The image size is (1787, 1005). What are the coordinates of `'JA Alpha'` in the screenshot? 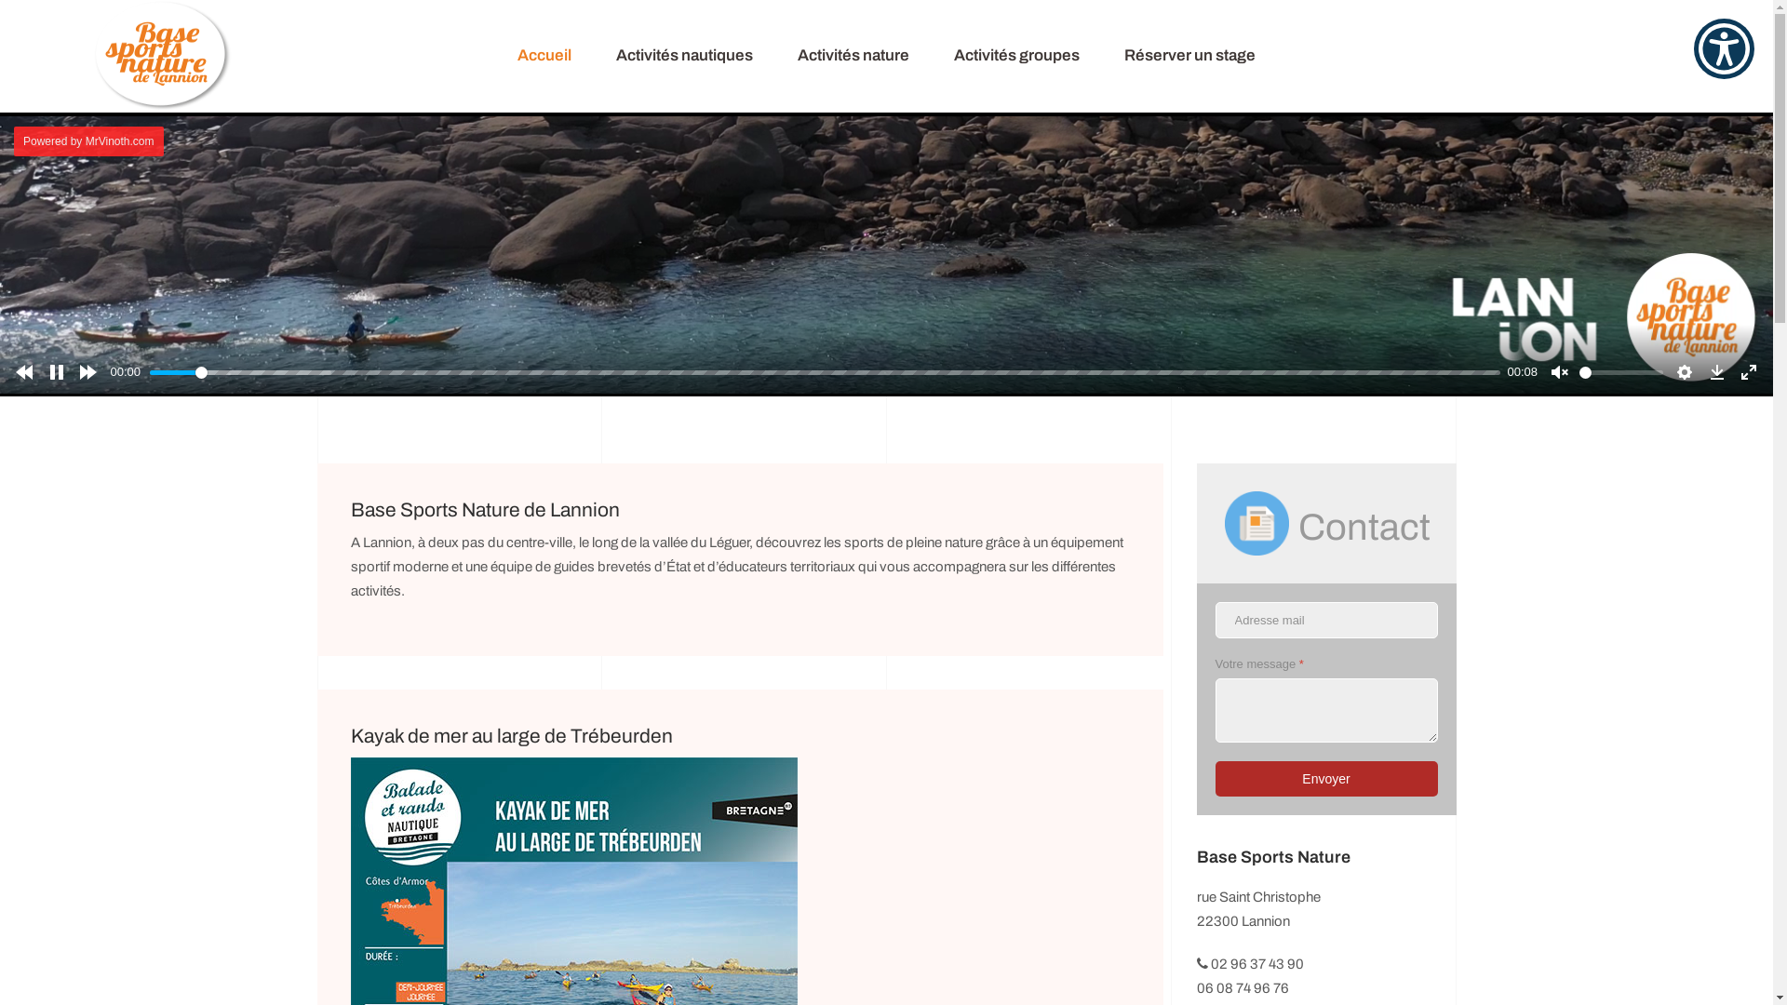 It's located at (162, 55).